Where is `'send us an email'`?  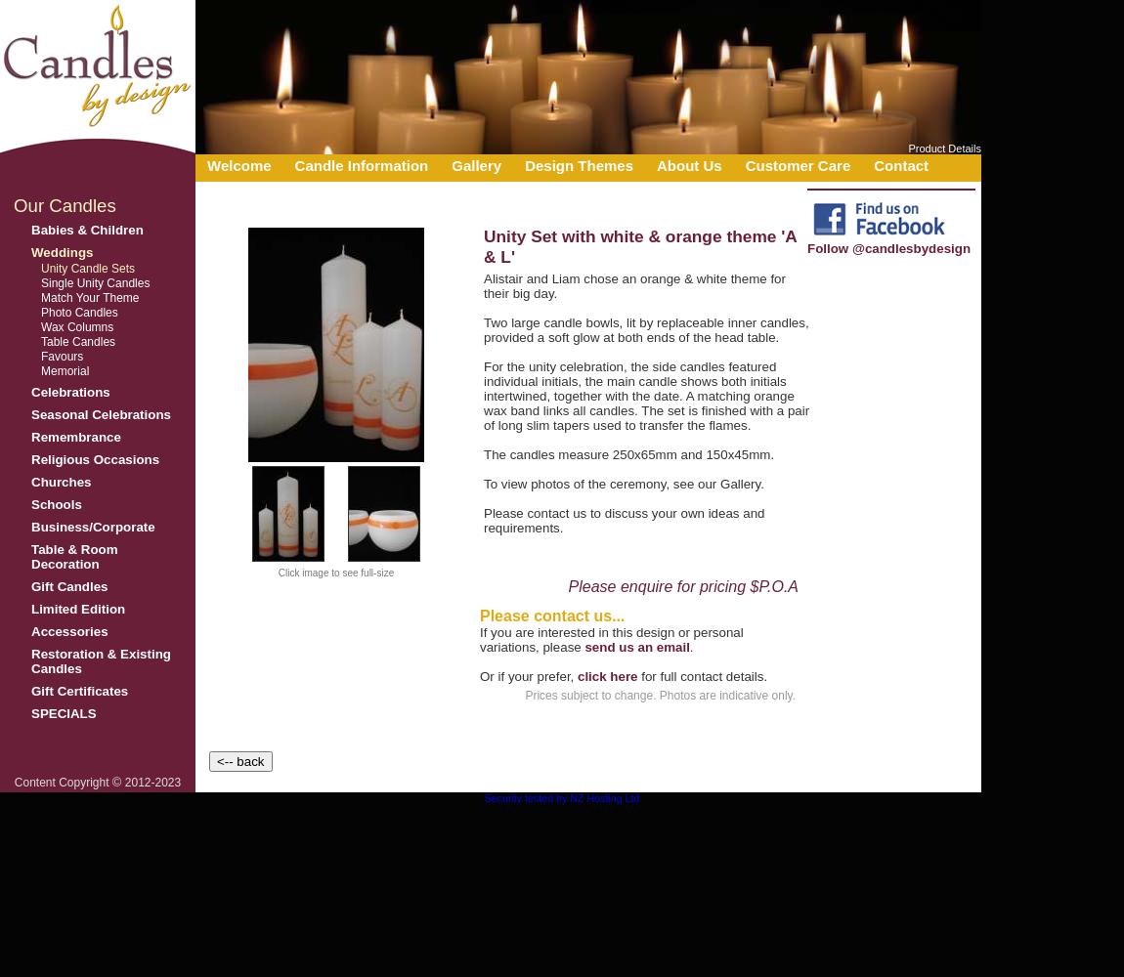 'send us an email' is located at coordinates (635, 647).